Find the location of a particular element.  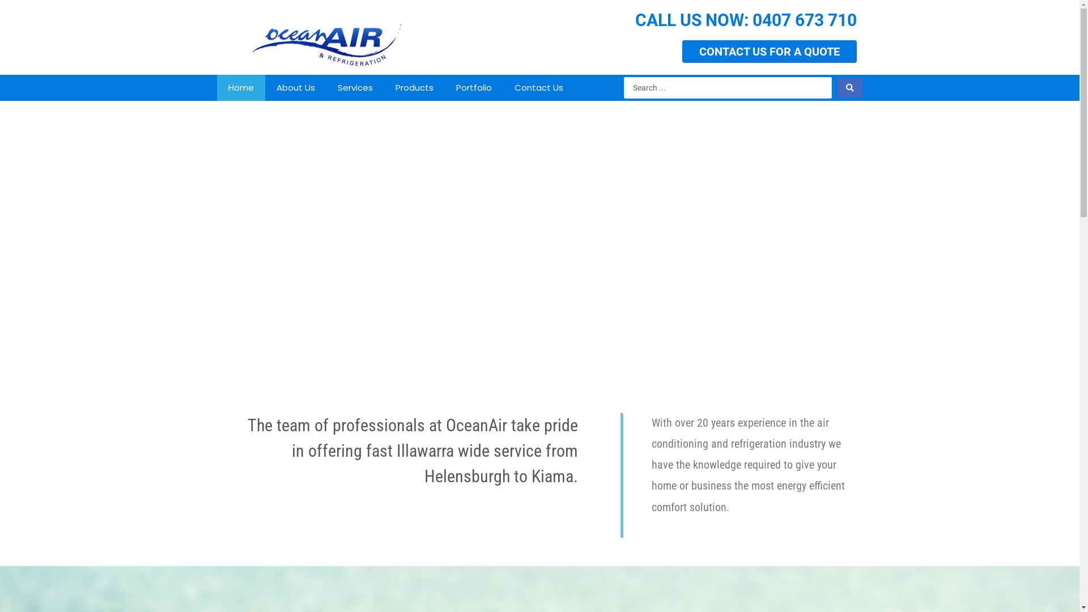

'Home' is located at coordinates (240, 87).